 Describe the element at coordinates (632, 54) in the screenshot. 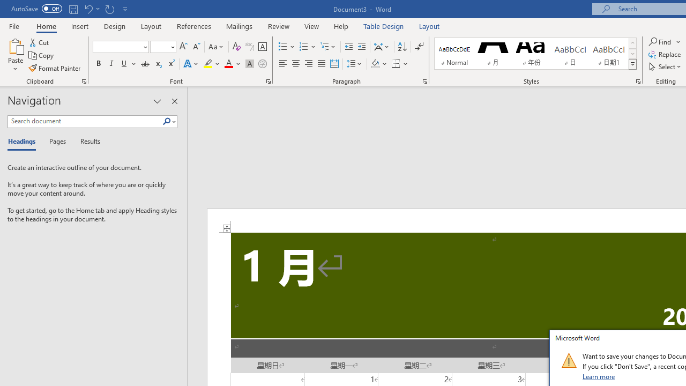

I see `'Row Down'` at that location.